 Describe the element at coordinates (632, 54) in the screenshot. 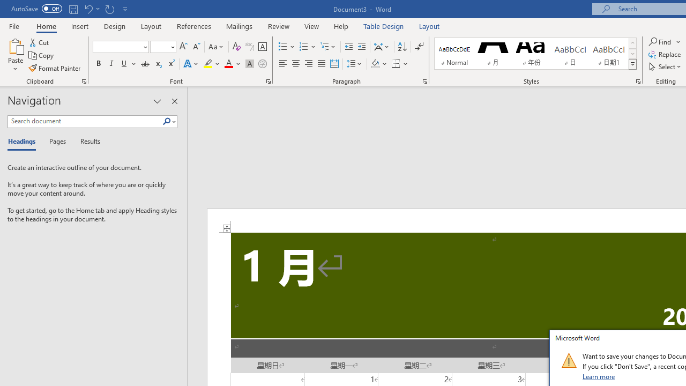

I see `'Row Down'` at that location.